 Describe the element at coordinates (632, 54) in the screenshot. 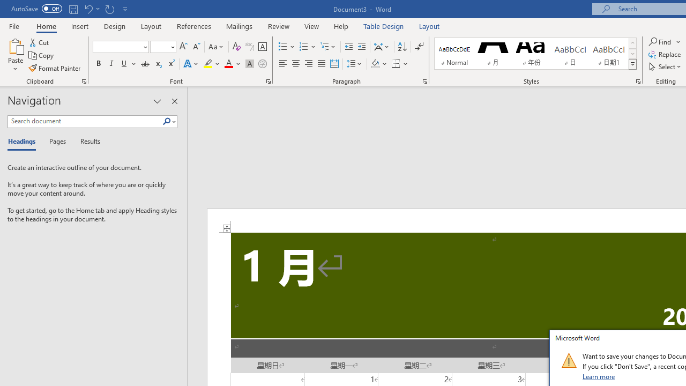

I see `'Row Down'` at that location.